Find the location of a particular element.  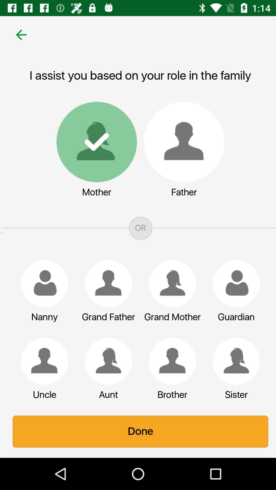

make a selection is located at coordinates (106, 283).